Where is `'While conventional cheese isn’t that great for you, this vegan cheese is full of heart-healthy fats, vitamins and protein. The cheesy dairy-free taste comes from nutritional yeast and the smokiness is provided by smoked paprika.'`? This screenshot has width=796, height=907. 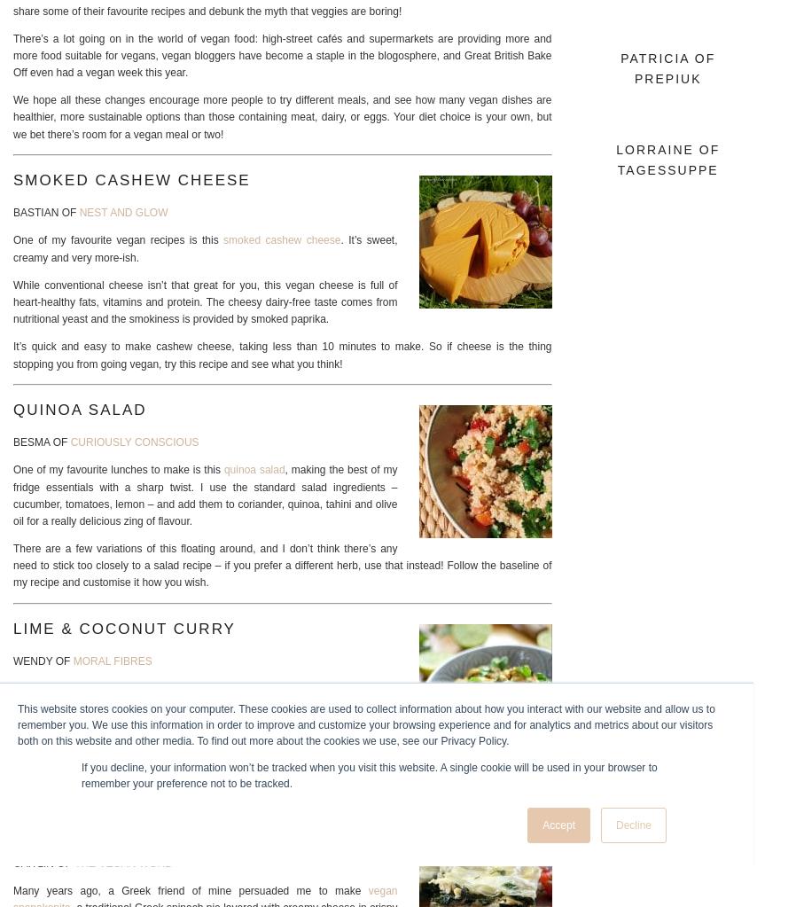 'While conventional cheese isn’t that great for you, this vegan cheese is full of heart-healthy fats, vitamins and protein. The cheesy dairy-free taste comes from nutritional yeast and the smokiness is provided by smoked paprika.' is located at coordinates (205, 301).